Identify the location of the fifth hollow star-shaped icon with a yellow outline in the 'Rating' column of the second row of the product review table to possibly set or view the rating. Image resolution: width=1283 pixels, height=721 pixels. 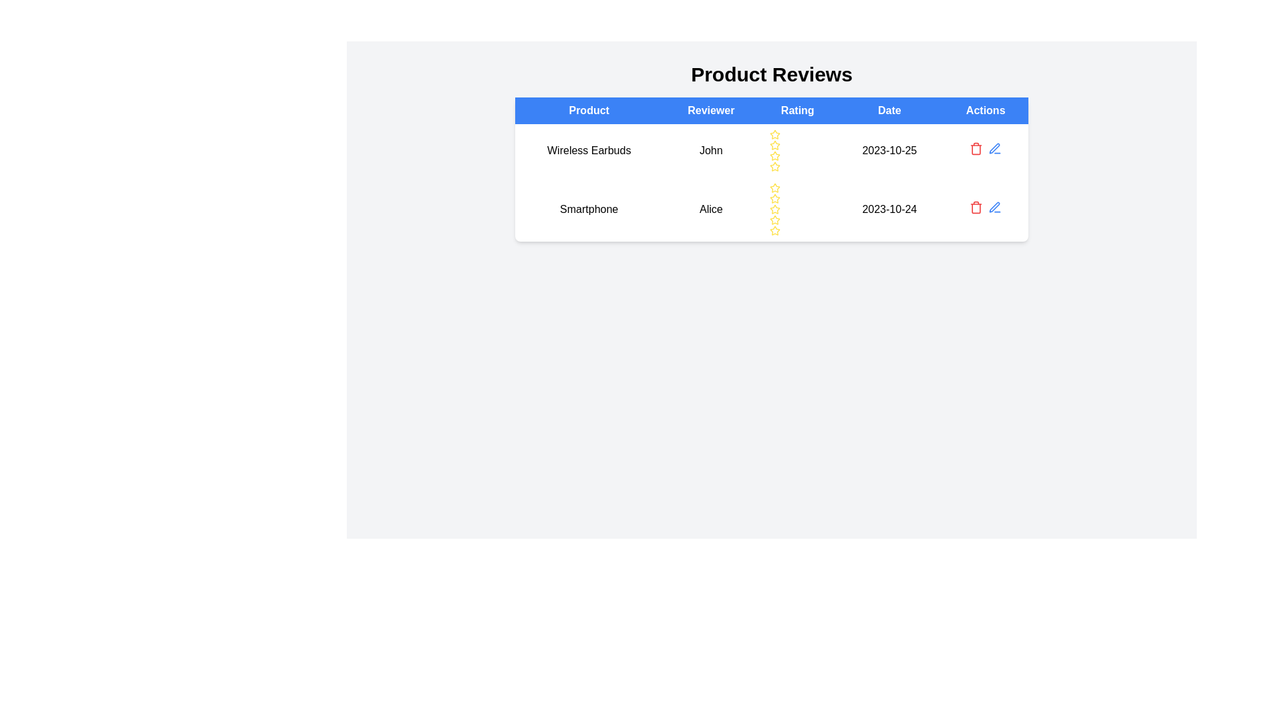
(775, 209).